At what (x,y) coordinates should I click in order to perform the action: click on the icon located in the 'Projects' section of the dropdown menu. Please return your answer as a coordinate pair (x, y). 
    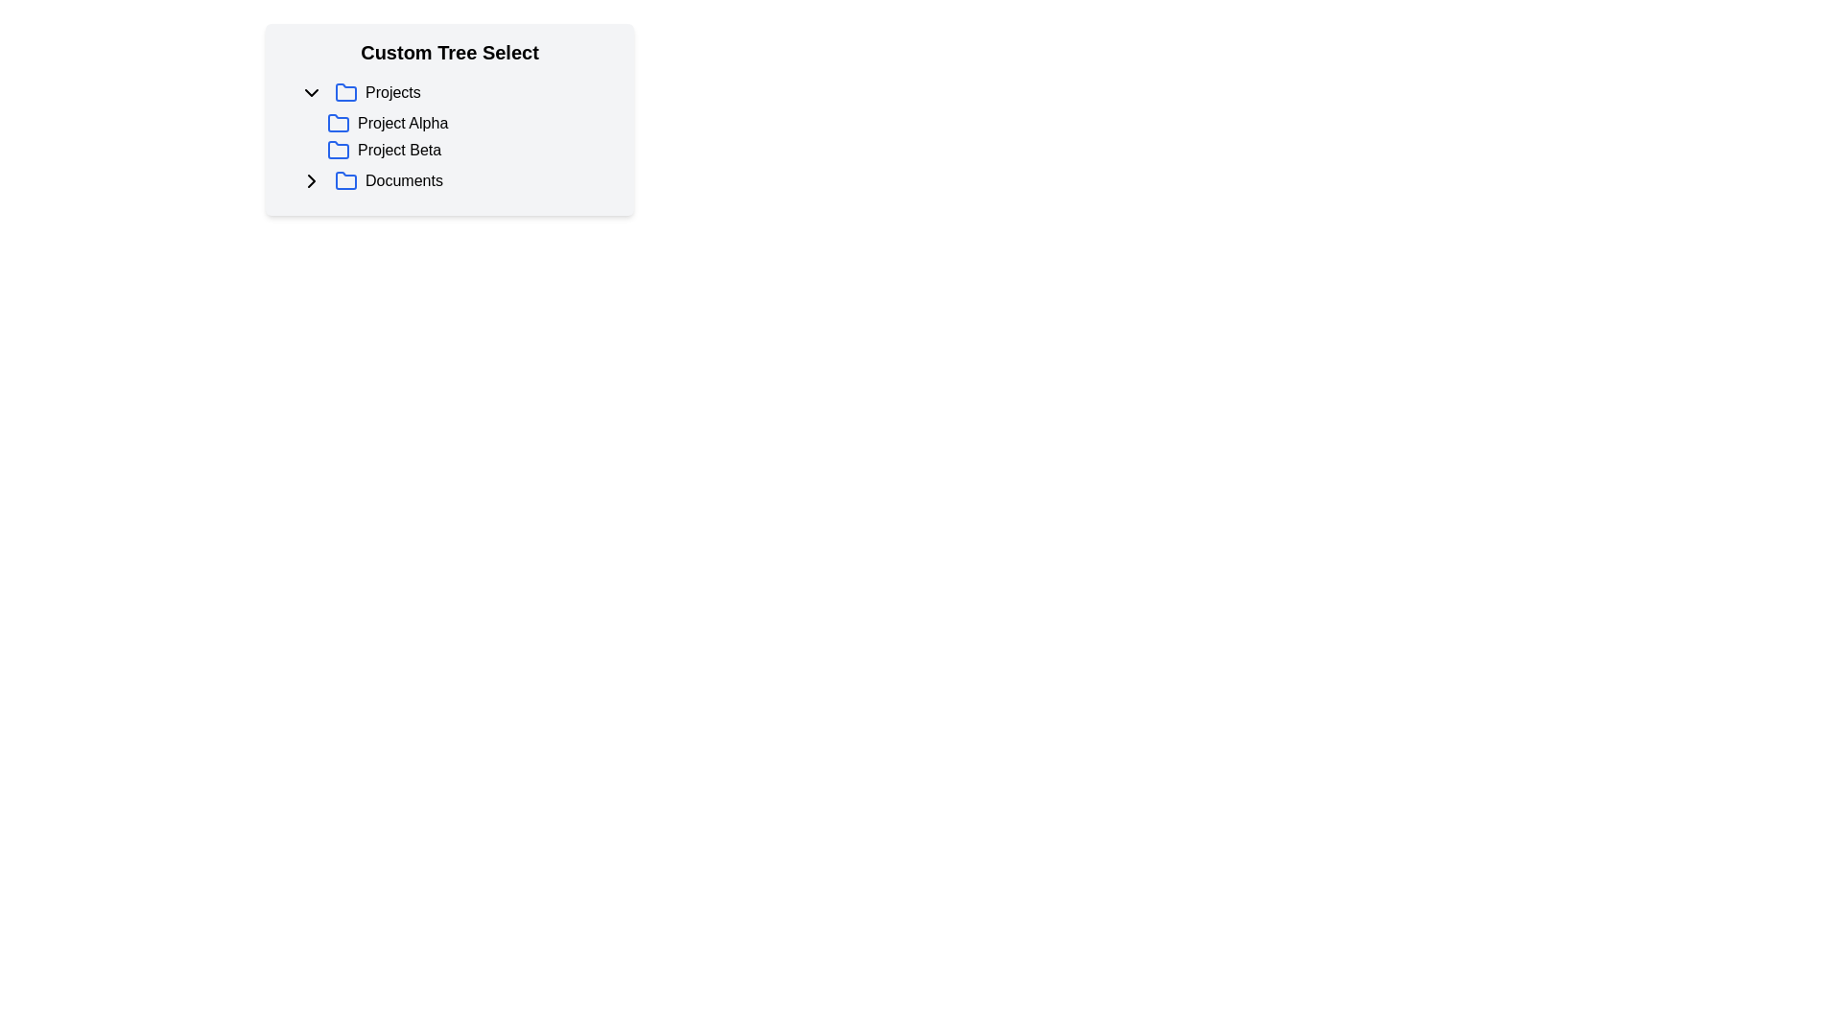
    Looking at the image, I should click on (312, 92).